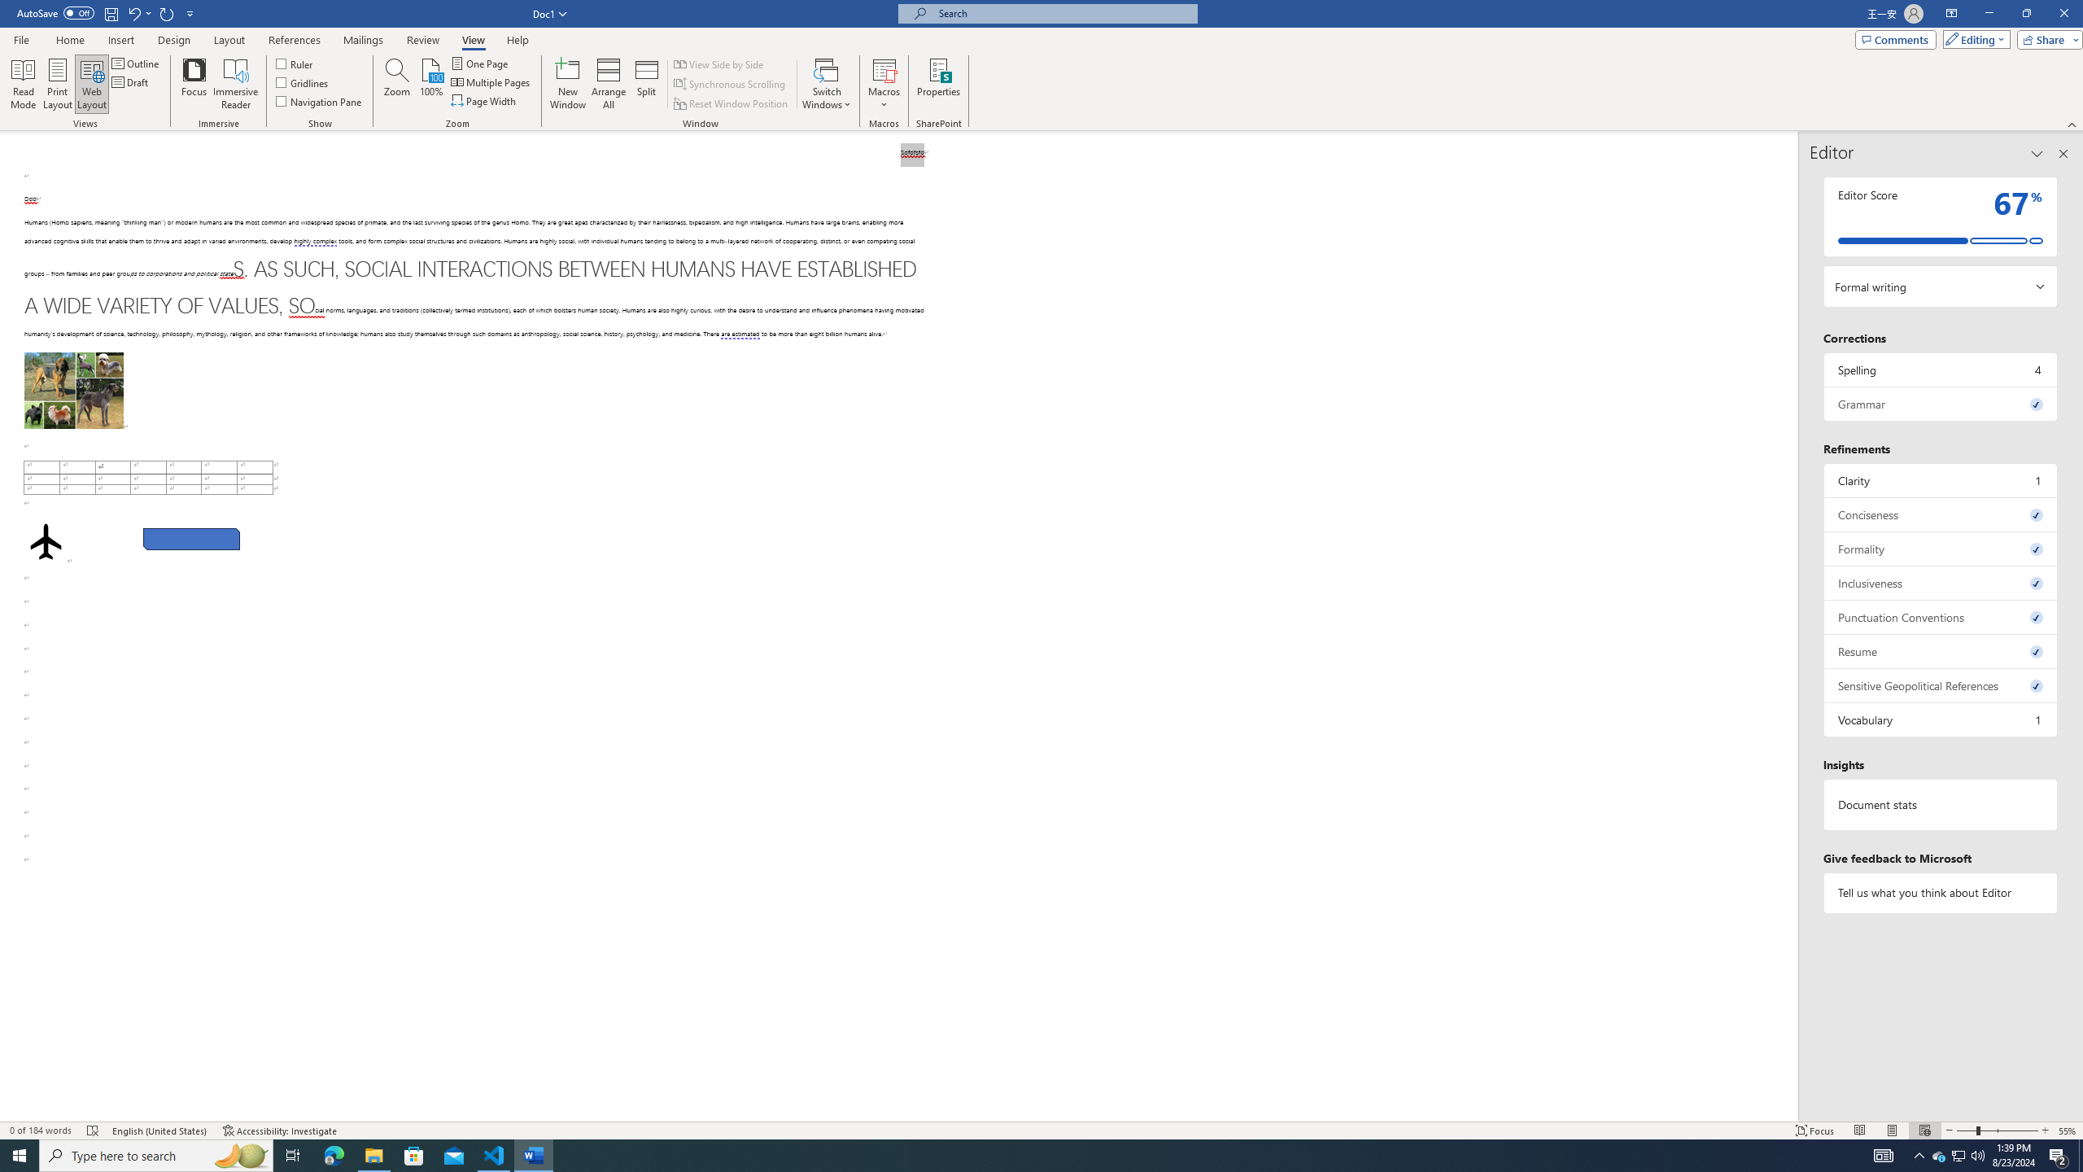 Image resolution: width=2083 pixels, height=1172 pixels. What do you see at coordinates (1940, 651) in the screenshot?
I see `'Resume, 0 issues. Press space or enter to review items.'` at bounding box center [1940, 651].